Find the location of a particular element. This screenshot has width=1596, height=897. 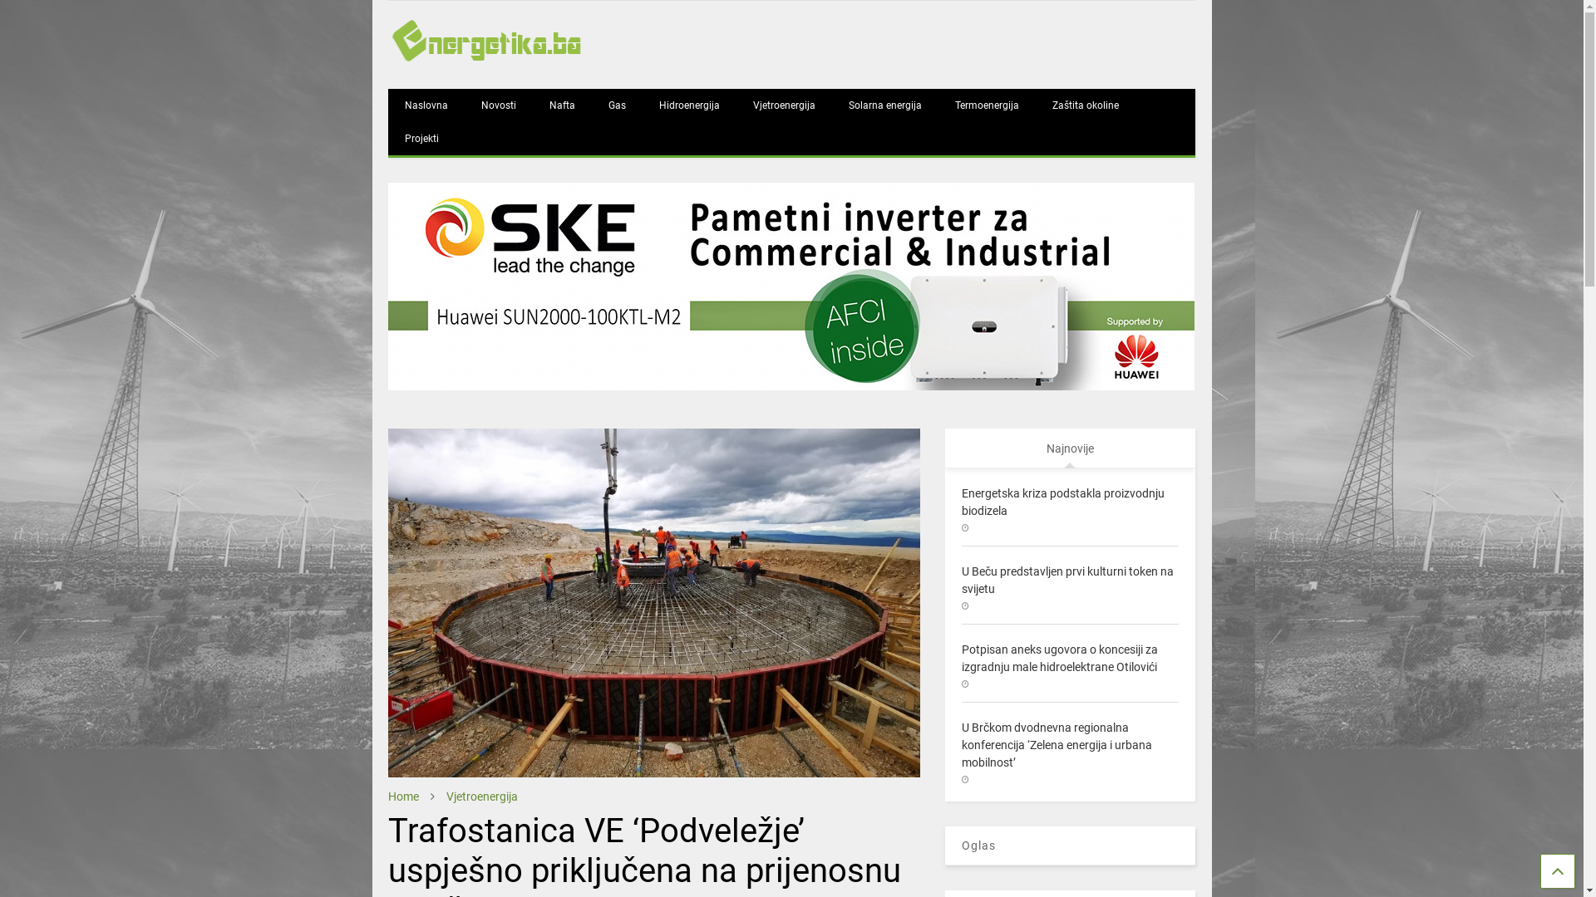

'Energetska kriza podstakla proizvodnju biodizela' is located at coordinates (1062, 501).